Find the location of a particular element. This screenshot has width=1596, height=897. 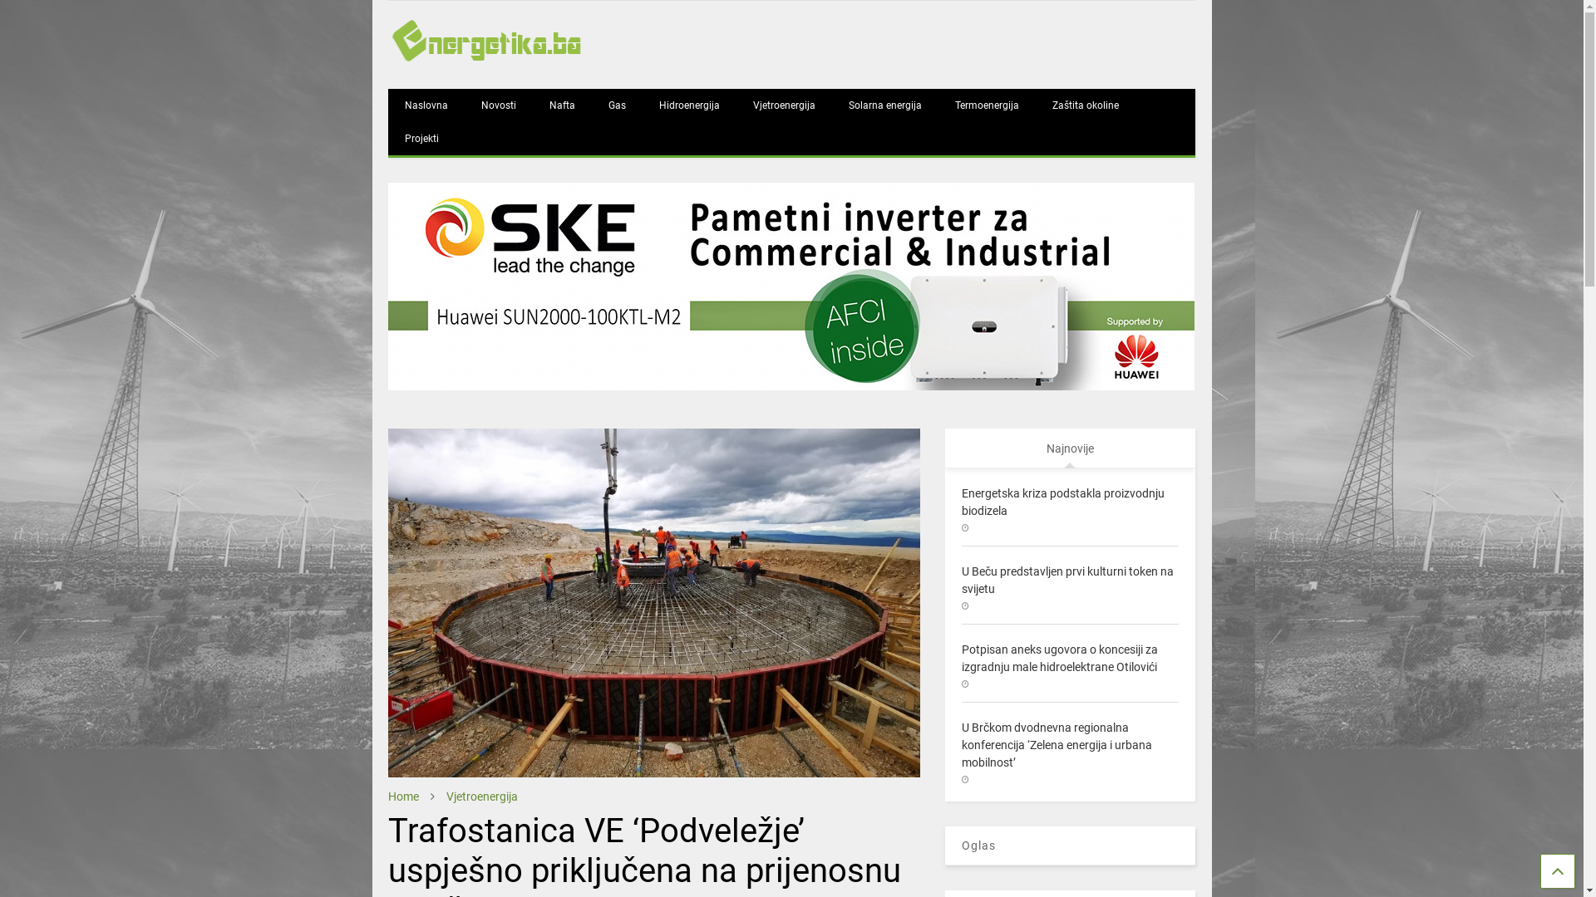

'Energetska kriza podstakla proizvodnju biodizela' is located at coordinates (1062, 501).